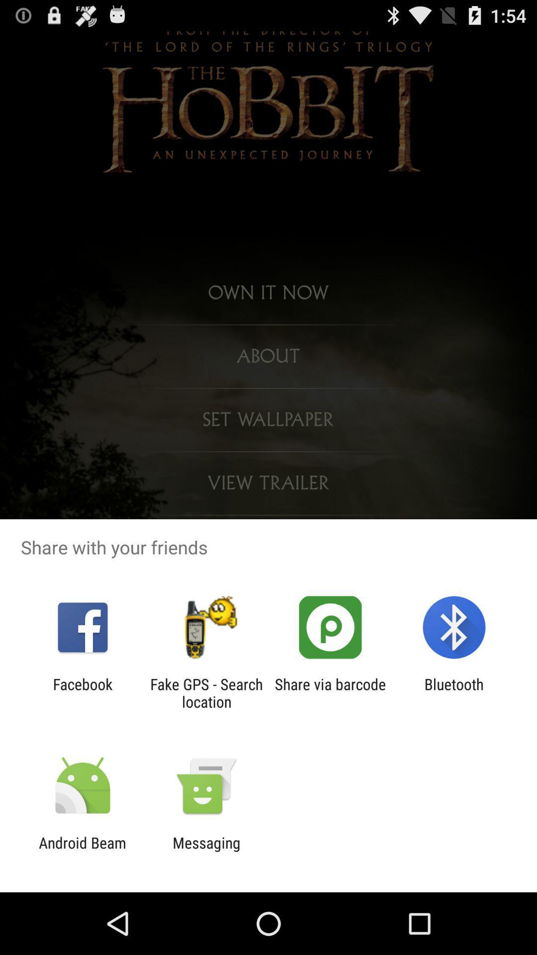 The image size is (537, 955). I want to click on the bluetooth at the bottom right corner, so click(454, 692).